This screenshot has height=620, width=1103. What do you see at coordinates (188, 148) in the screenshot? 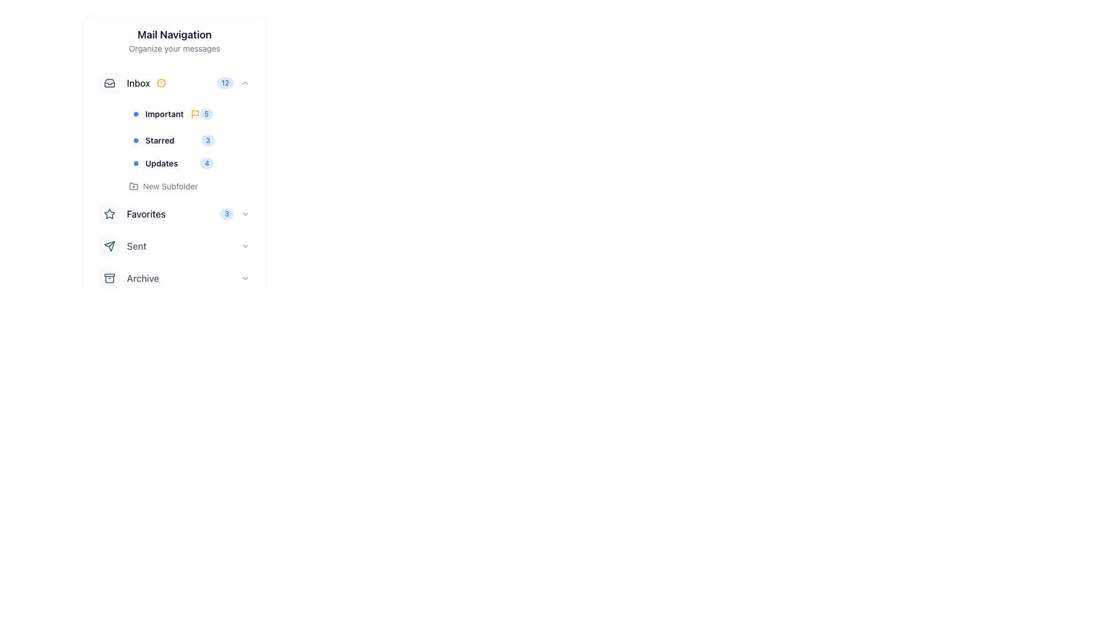
I see `the 'Starred' category button located as the second entry in the list under the 'Inbox' category` at bounding box center [188, 148].